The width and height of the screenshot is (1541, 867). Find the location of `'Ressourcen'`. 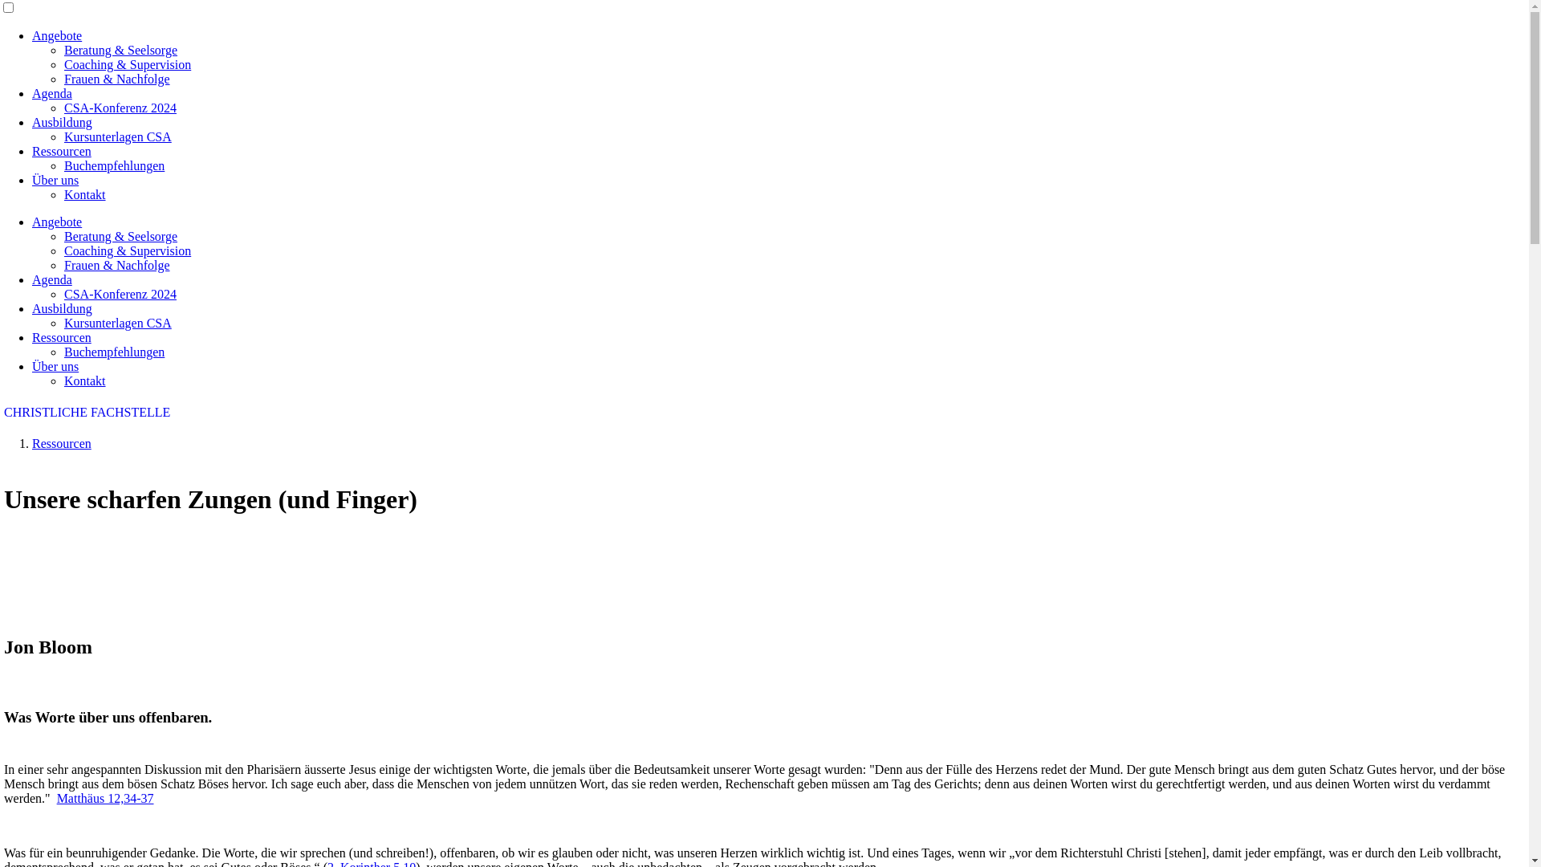

'Ressourcen' is located at coordinates (31, 151).